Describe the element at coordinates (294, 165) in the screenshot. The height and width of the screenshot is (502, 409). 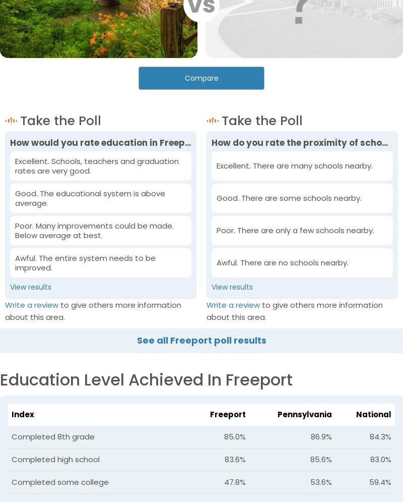
I see `'Excellent. There are many schools nearby.'` at that location.